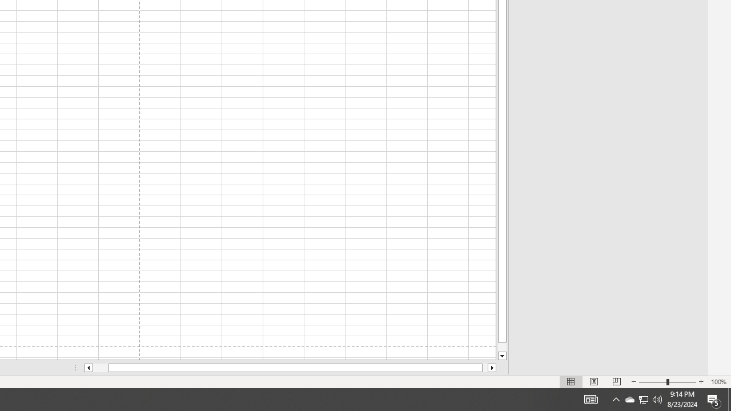  Describe the element at coordinates (492, 368) in the screenshot. I see `'Column right'` at that location.